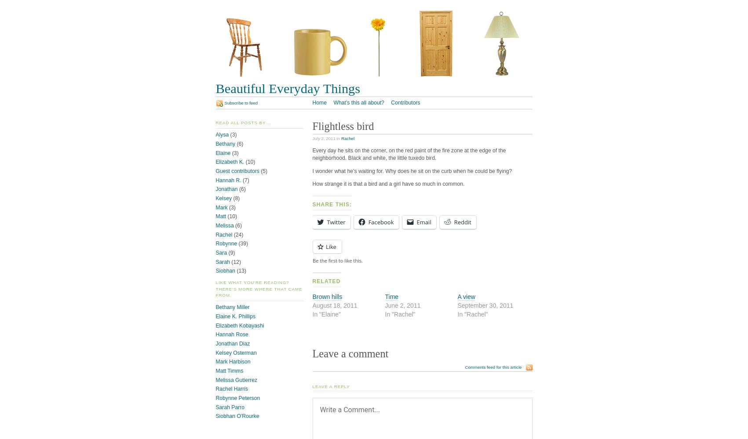 This screenshot has width=748, height=439. I want to click on 'Kelsey Osterman', so click(236, 353).